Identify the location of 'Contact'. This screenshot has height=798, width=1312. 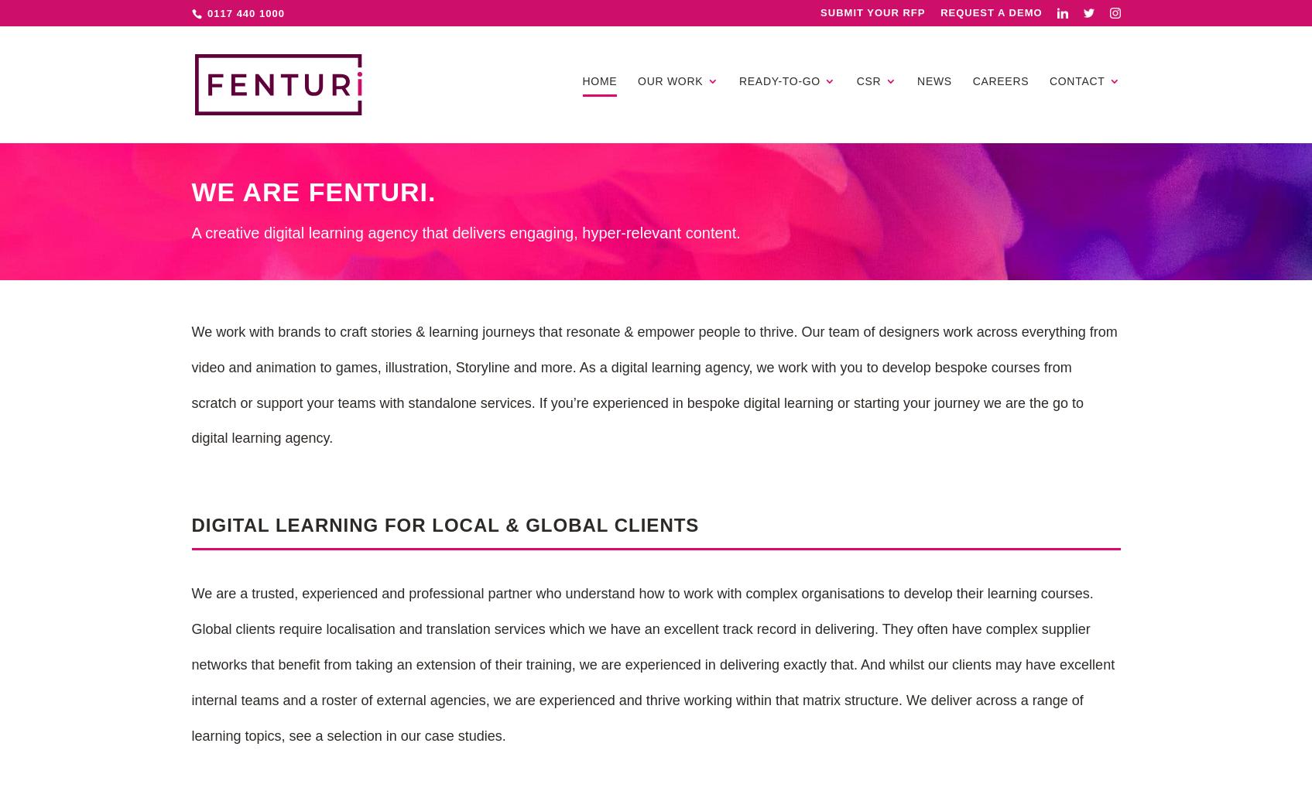
(1048, 80).